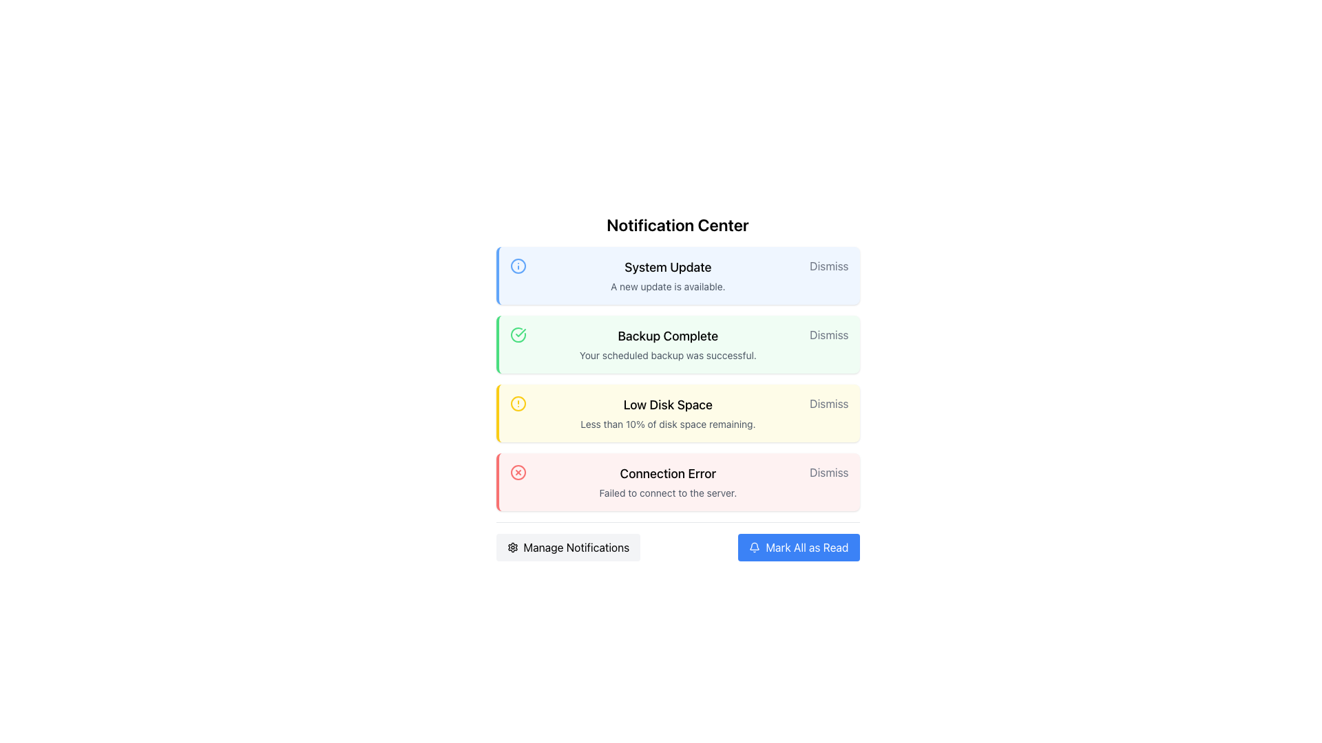 This screenshot has height=743, width=1322. Describe the element at coordinates (668, 413) in the screenshot. I see `the textual notification about low disk space, which is the third notification from the top, located between 'Backup Complete' and 'Connection Error', centered in a yellow background box` at that location.